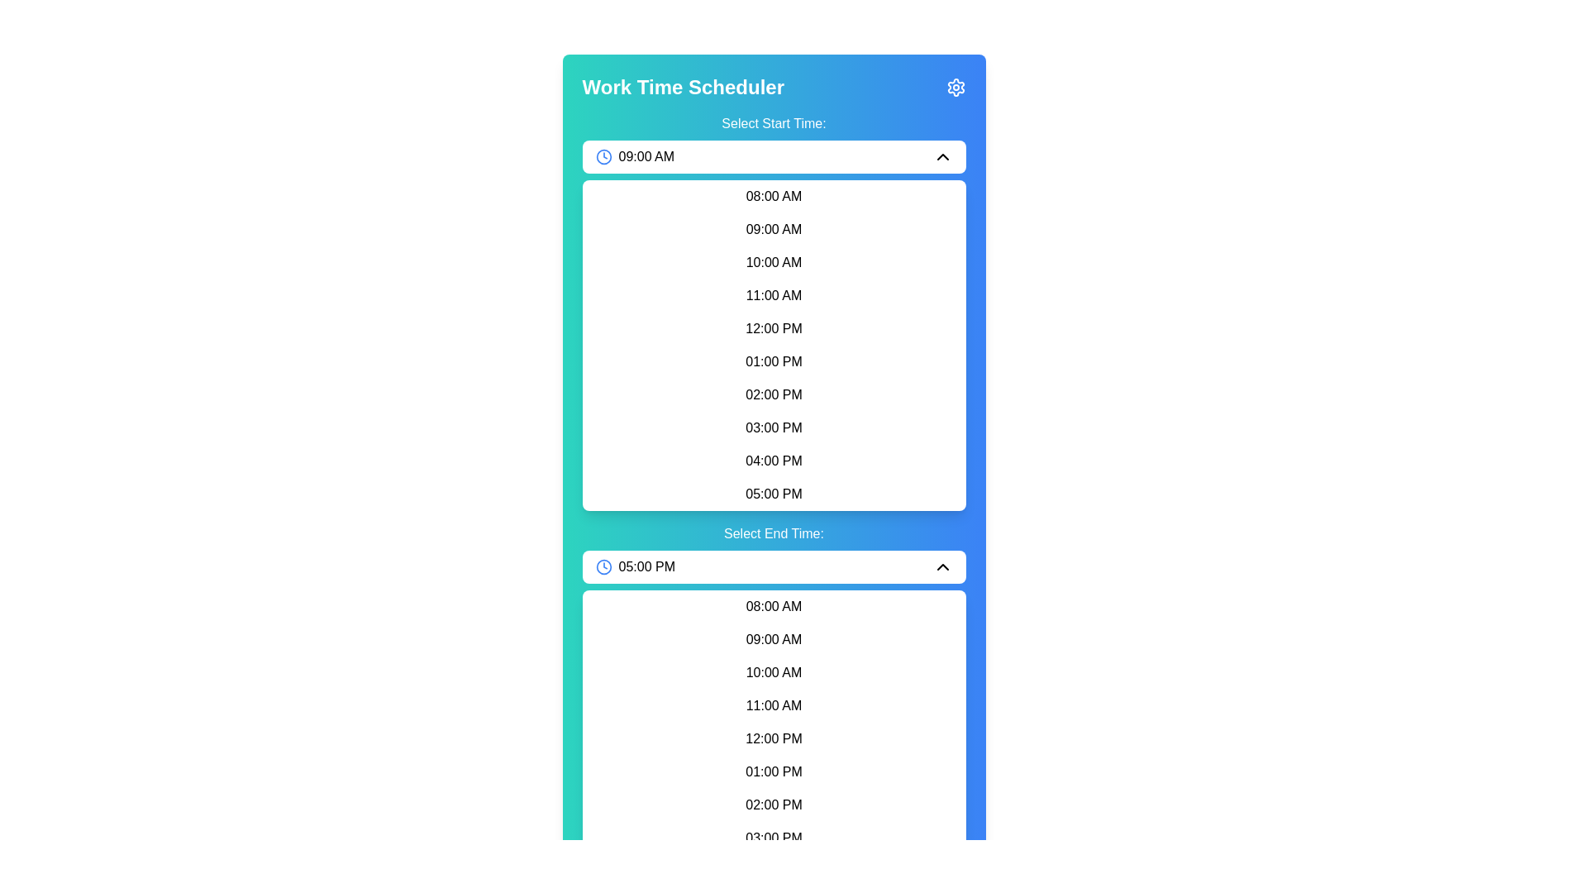 This screenshot has width=1587, height=893. I want to click on the selectable time slot displaying '11:00 AM', which is the fourth item in a vertical list below the 'Select End Time:' label, so click(773, 705).